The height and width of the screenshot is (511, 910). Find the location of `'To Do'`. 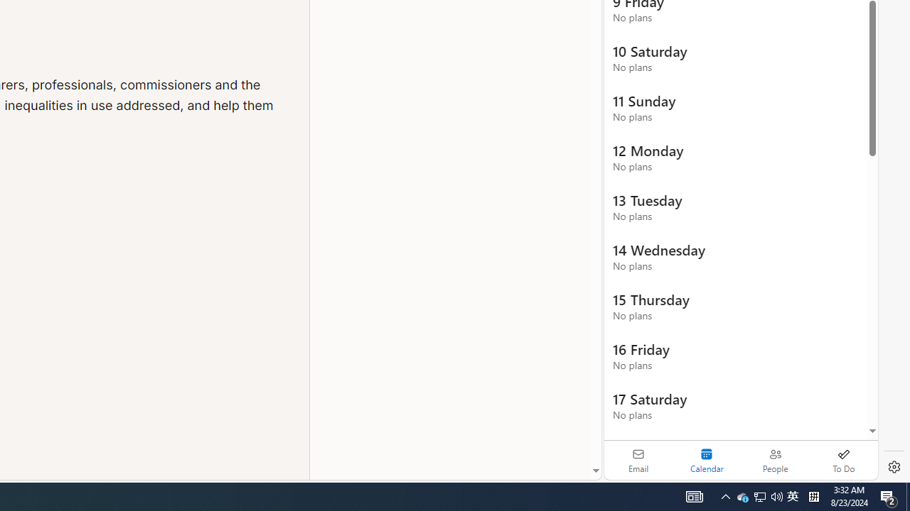

'To Do' is located at coordinates (843, 460).